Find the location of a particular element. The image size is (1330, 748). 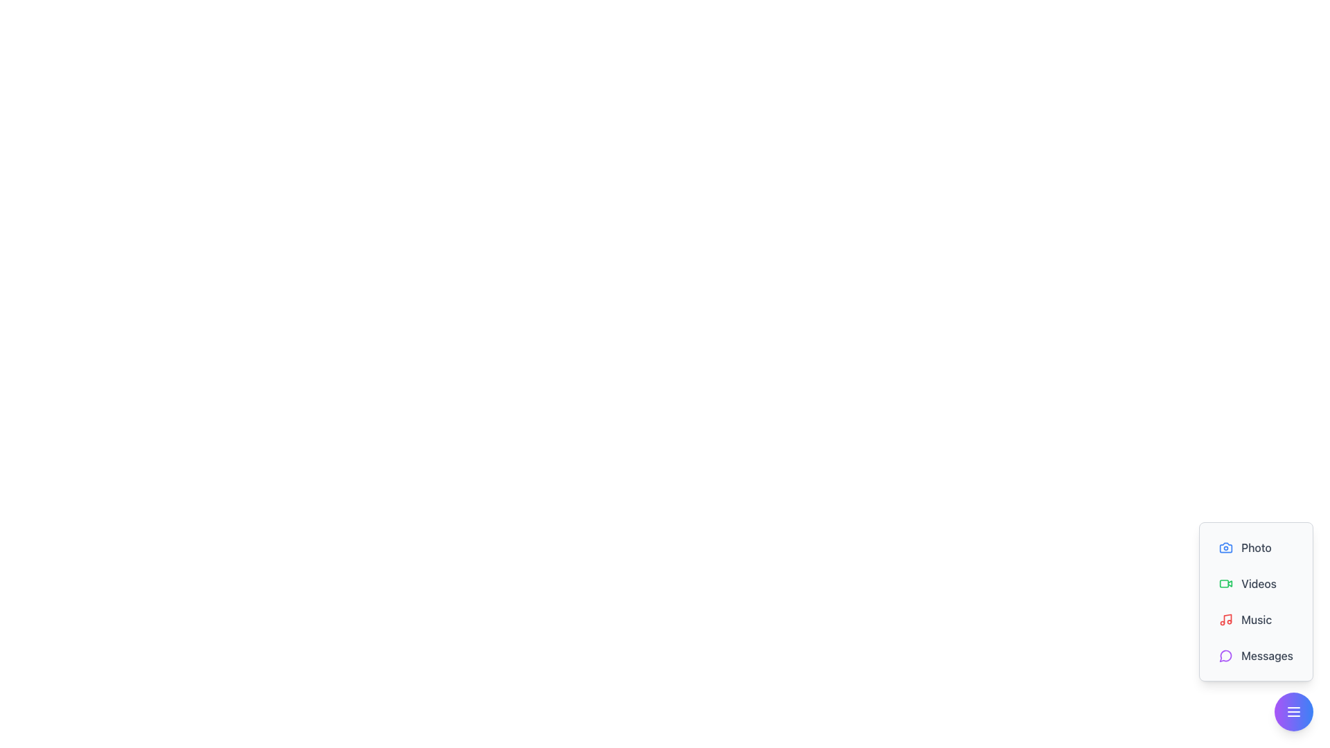

the video icon located second from the top in the vertical stack of icons and labels is located at coordinates (1224, 584).